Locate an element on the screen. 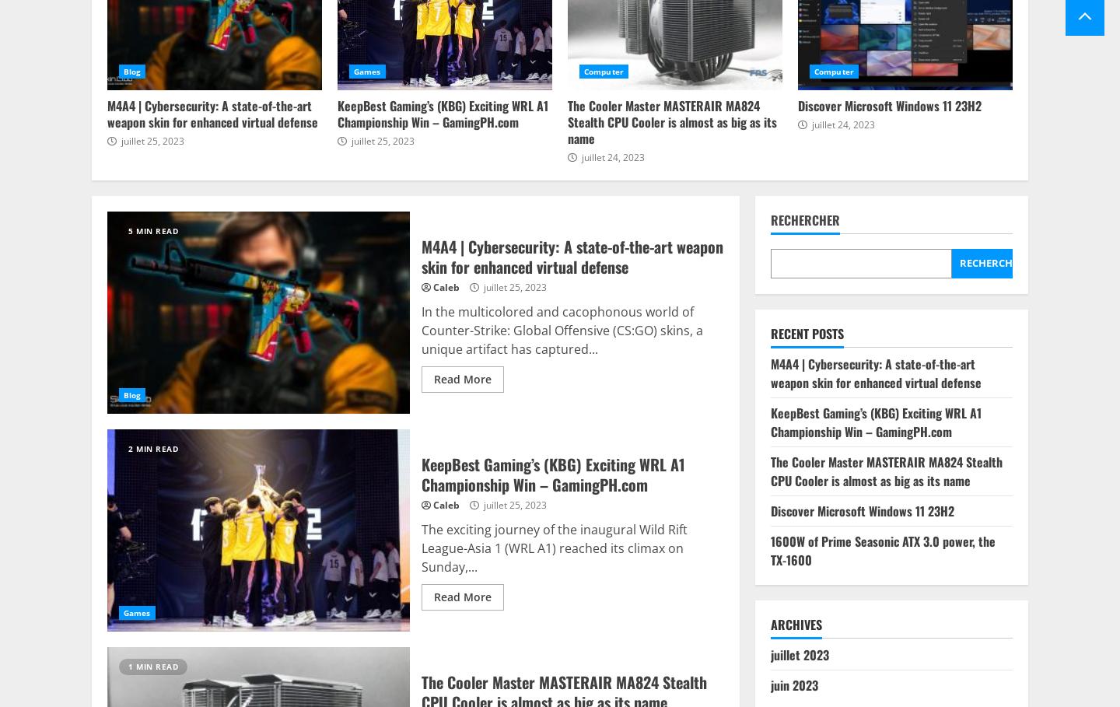 This screenshot has height=707, width=1120. 'Archives' is located at coordinates (795, 624).